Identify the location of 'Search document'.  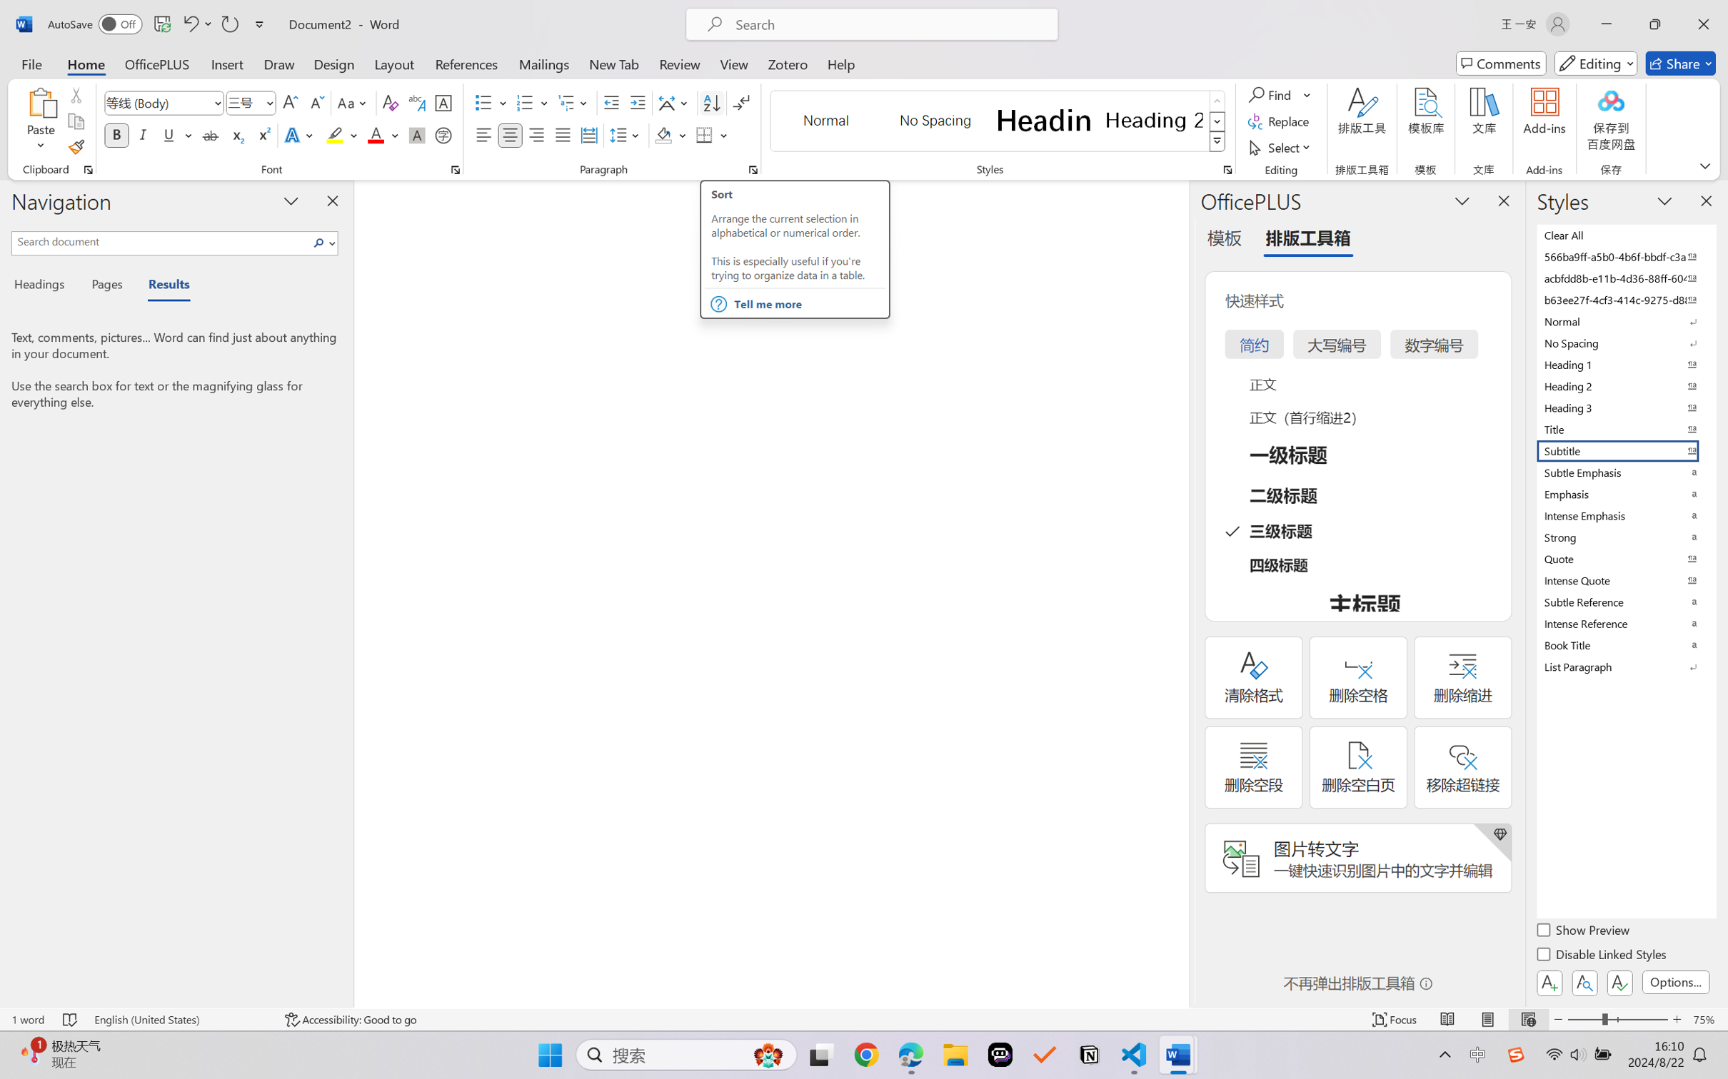
(161, 240).